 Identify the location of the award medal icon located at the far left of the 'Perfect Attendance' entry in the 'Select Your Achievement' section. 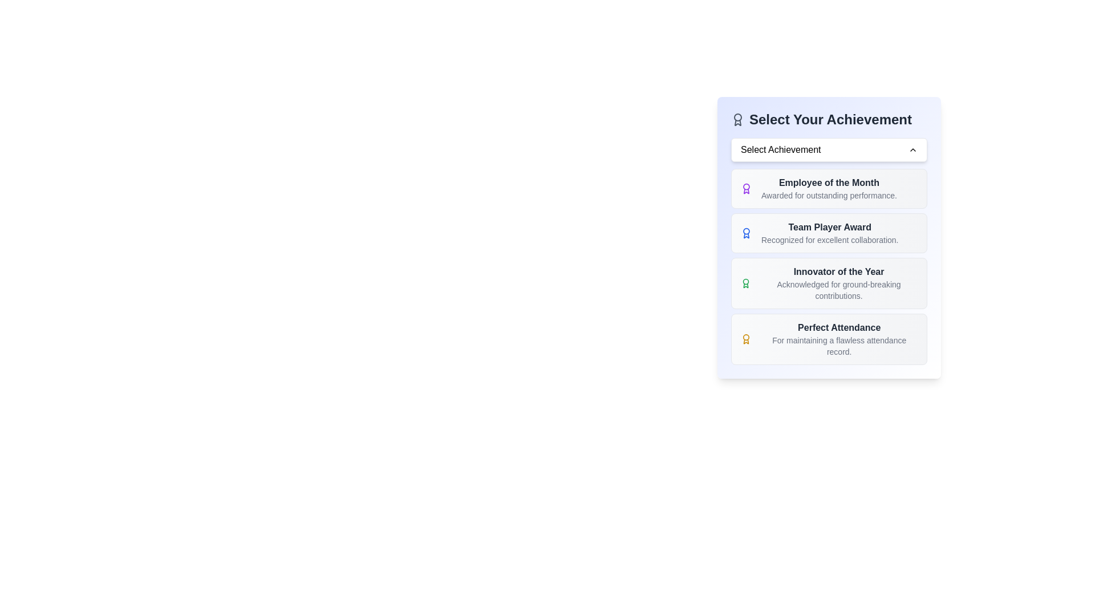
(746, 338).